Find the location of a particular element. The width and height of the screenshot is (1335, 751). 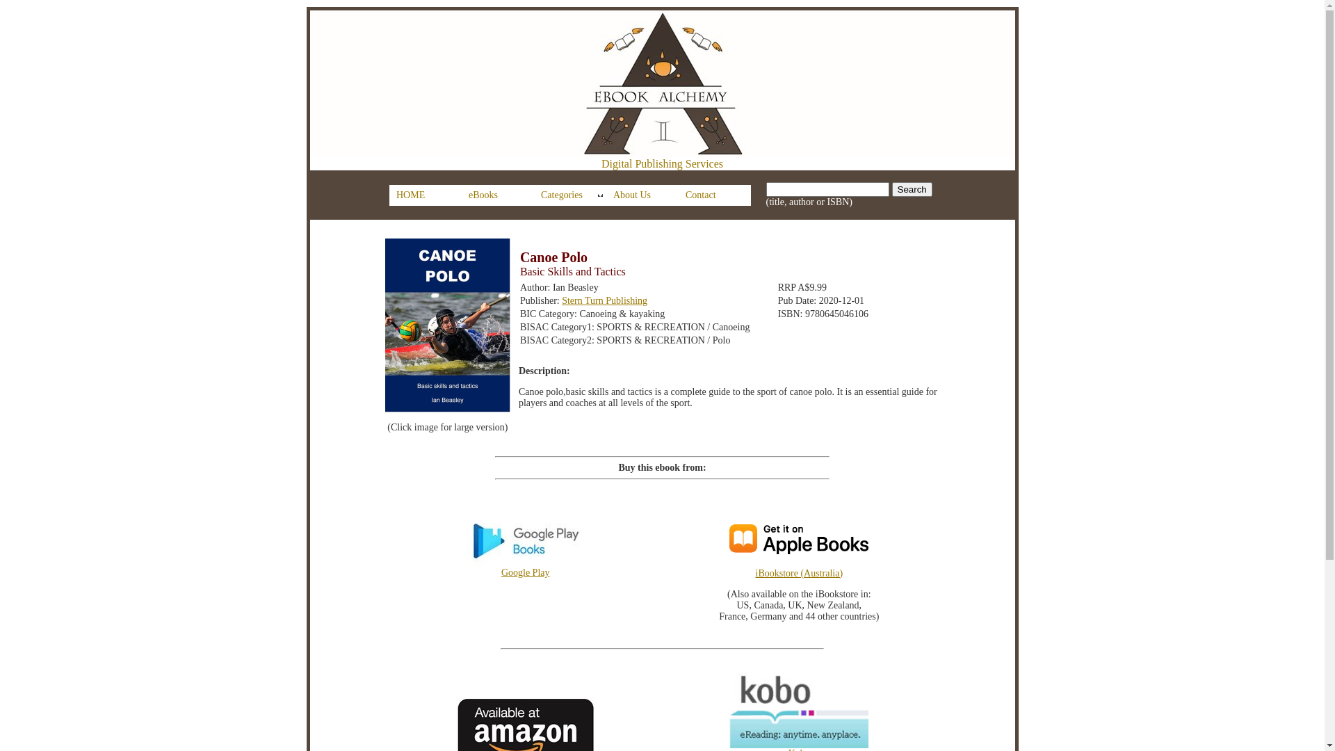

'iBookstore (Australia)' is located at coordinates (811, 584).